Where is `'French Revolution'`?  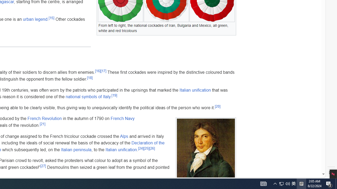
'French Revolution' is located at coordinates (44, 118).